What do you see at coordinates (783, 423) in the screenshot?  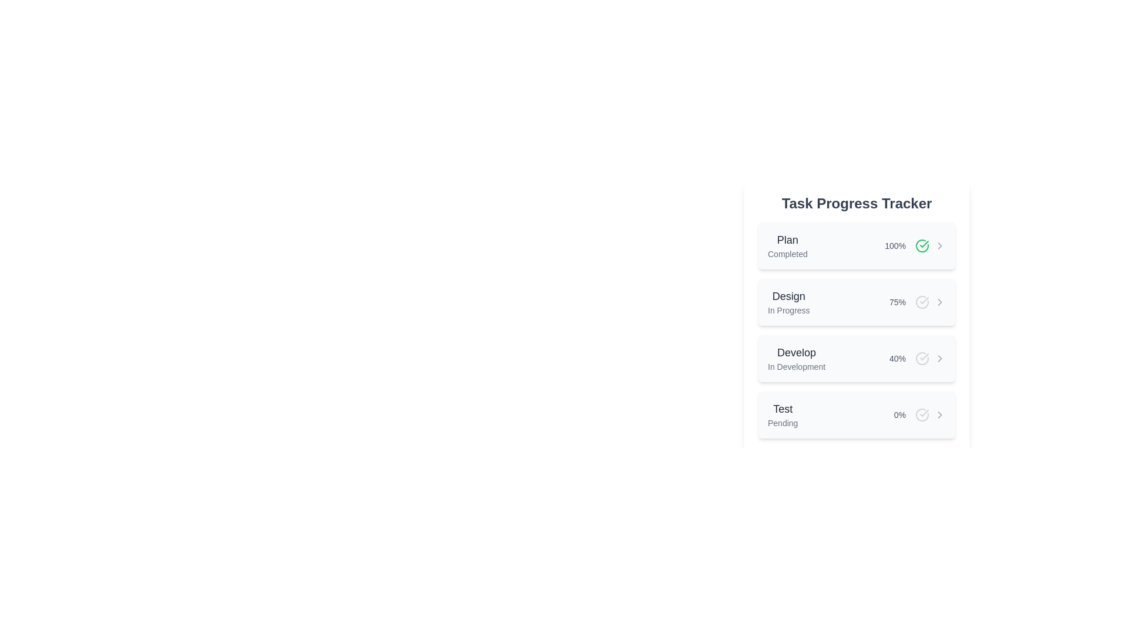 I see `the static text label indicating the status of the 'Test' task which shows 'Pending'` at bounding box center [783, 423].